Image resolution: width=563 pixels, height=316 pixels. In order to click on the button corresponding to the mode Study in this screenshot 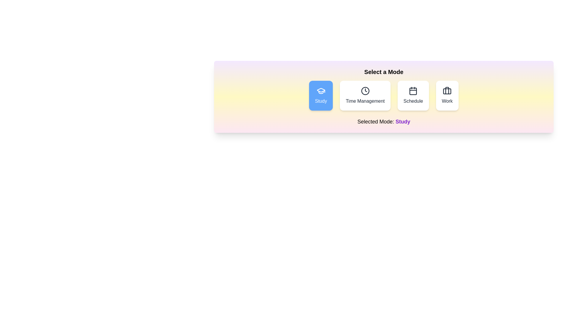, I will do `click(320, 95)`.